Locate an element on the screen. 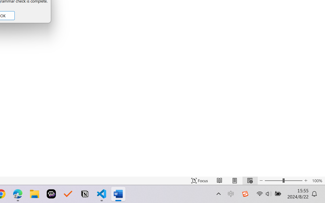 The height and width of the screenshot is (203, 325). 'Read Mode' is located at coordinates (219, 180).